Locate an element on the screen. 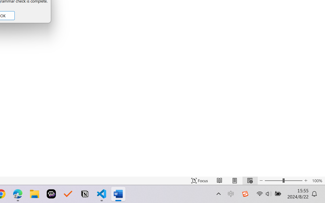 The height and width of the screenshot is (203, 325). 'Read Mode' is located at coordinates (219, 180).